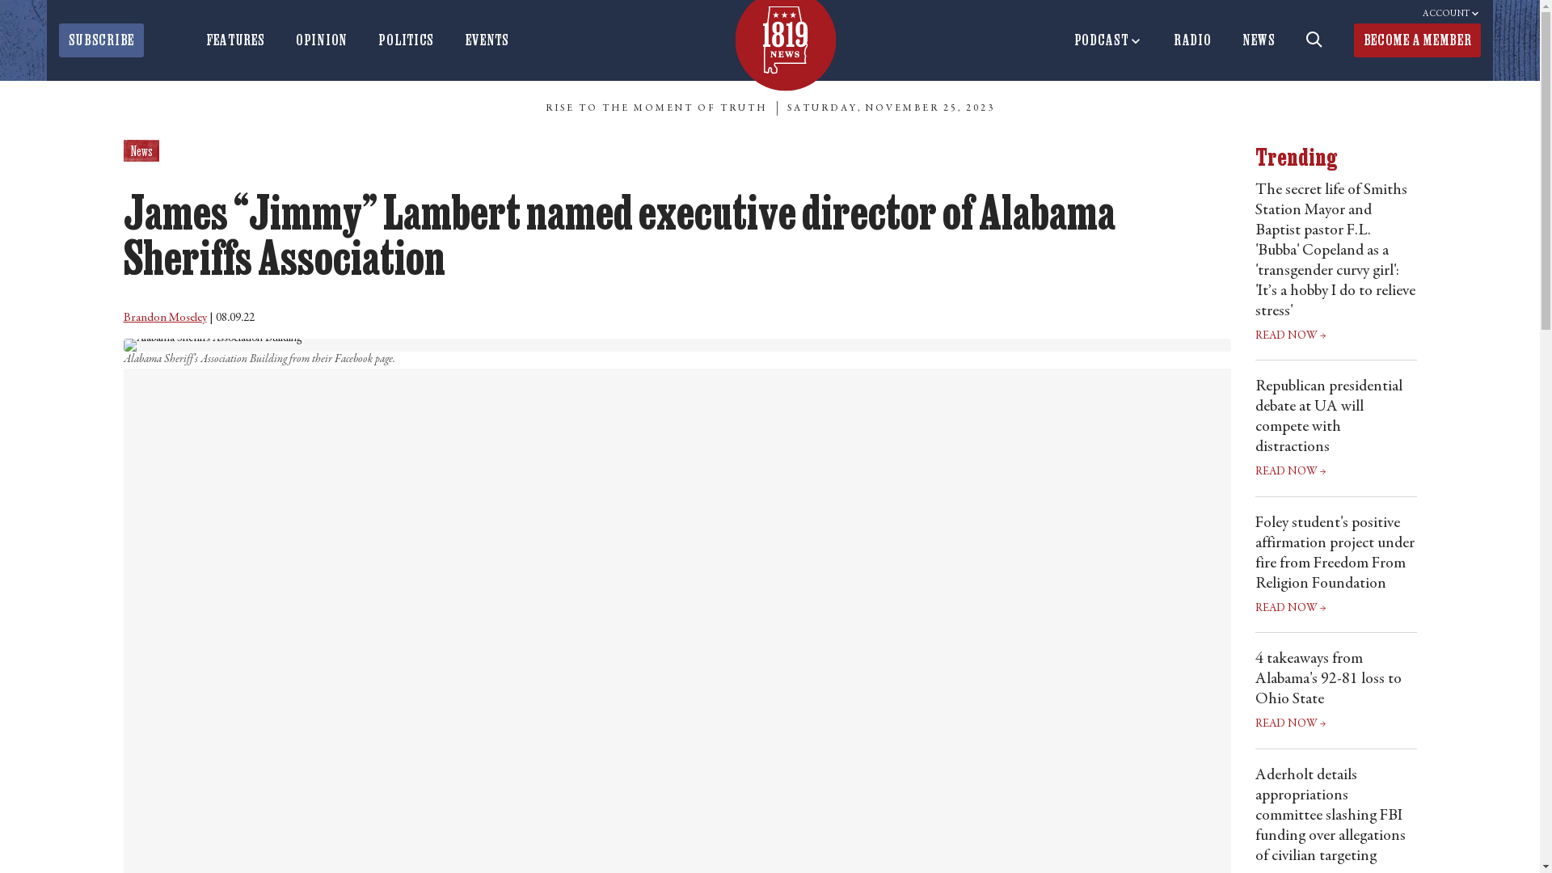  I want to click on 'News', so click(140, 150).